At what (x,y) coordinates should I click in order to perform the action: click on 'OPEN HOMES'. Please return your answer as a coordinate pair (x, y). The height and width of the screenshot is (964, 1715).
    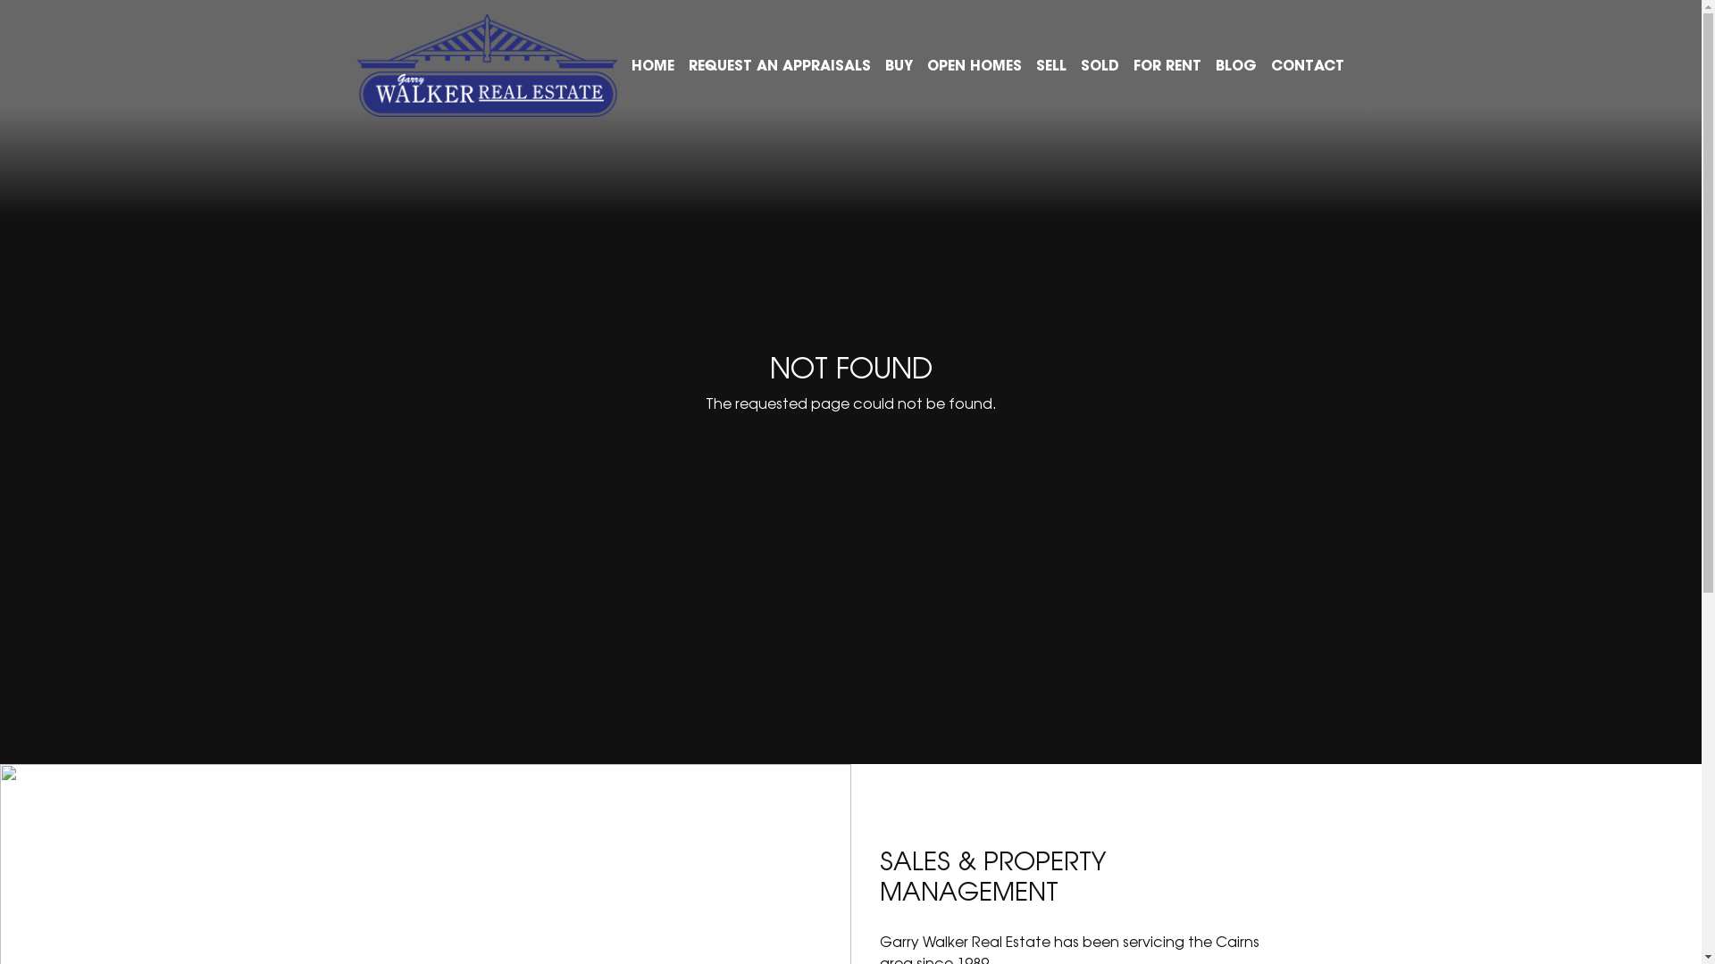
    Looking at the image, I should click on (973, 64).